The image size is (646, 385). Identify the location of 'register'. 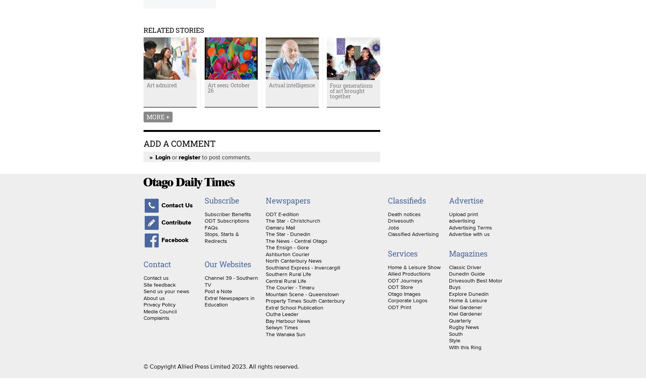
(189, 157).